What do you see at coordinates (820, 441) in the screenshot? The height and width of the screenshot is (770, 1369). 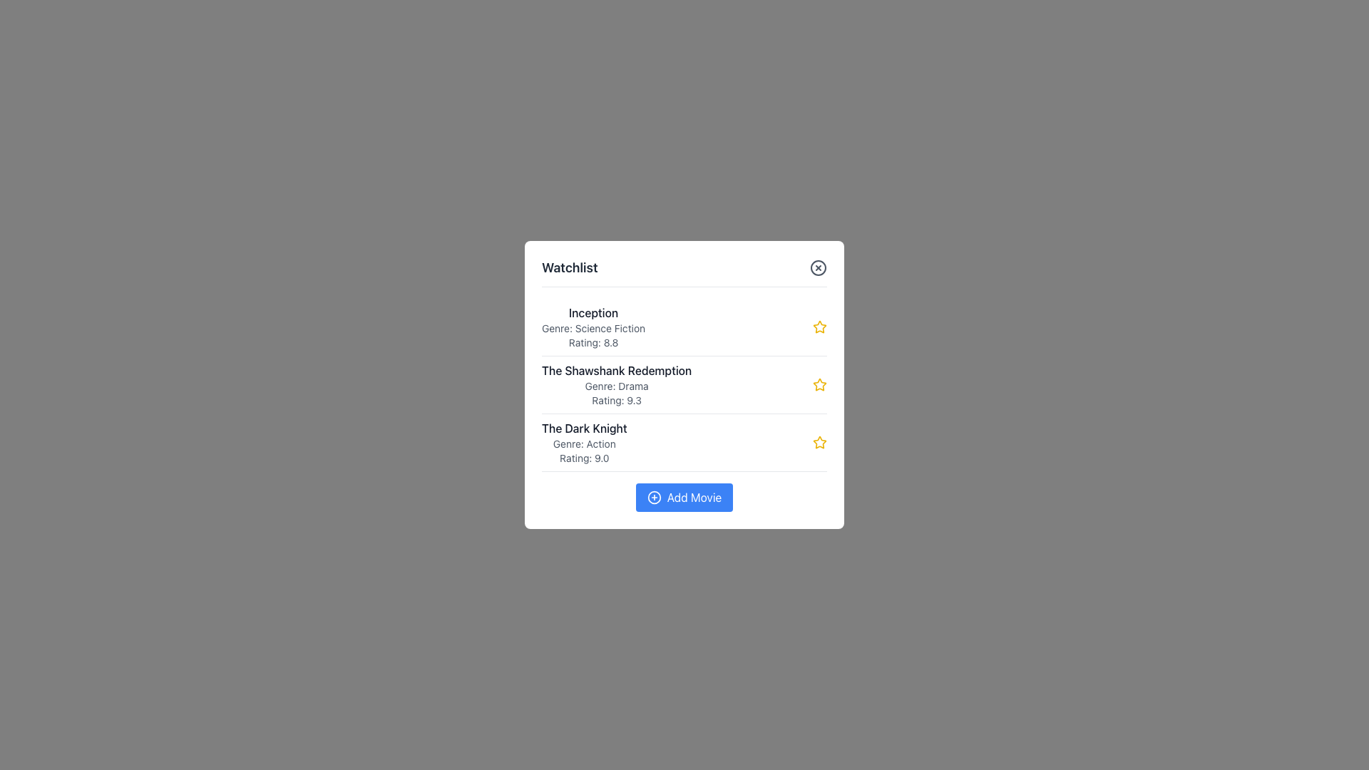 I see `the star-shaped icon with a yellow outline located beside the movie title in the second list item` at bounding box center [820, 441].